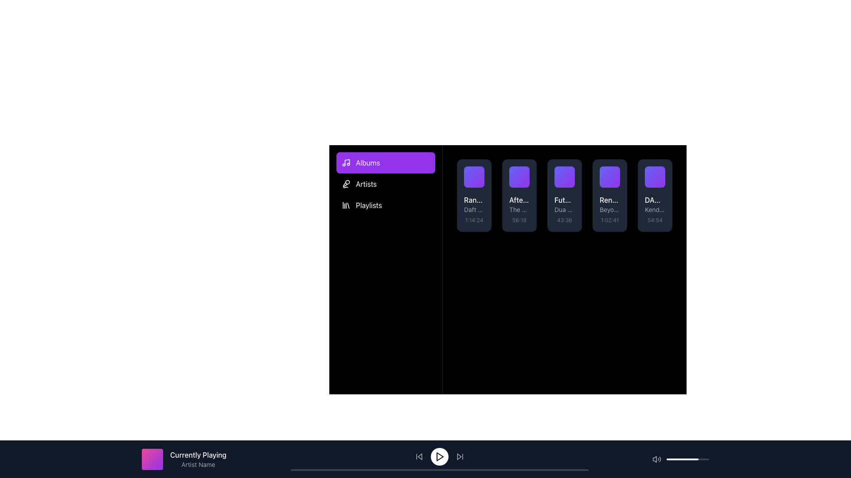 The image size is (851, 478). I want to click on the small triangular 'back' button located in the bottom media control bar, so click(419, 457).